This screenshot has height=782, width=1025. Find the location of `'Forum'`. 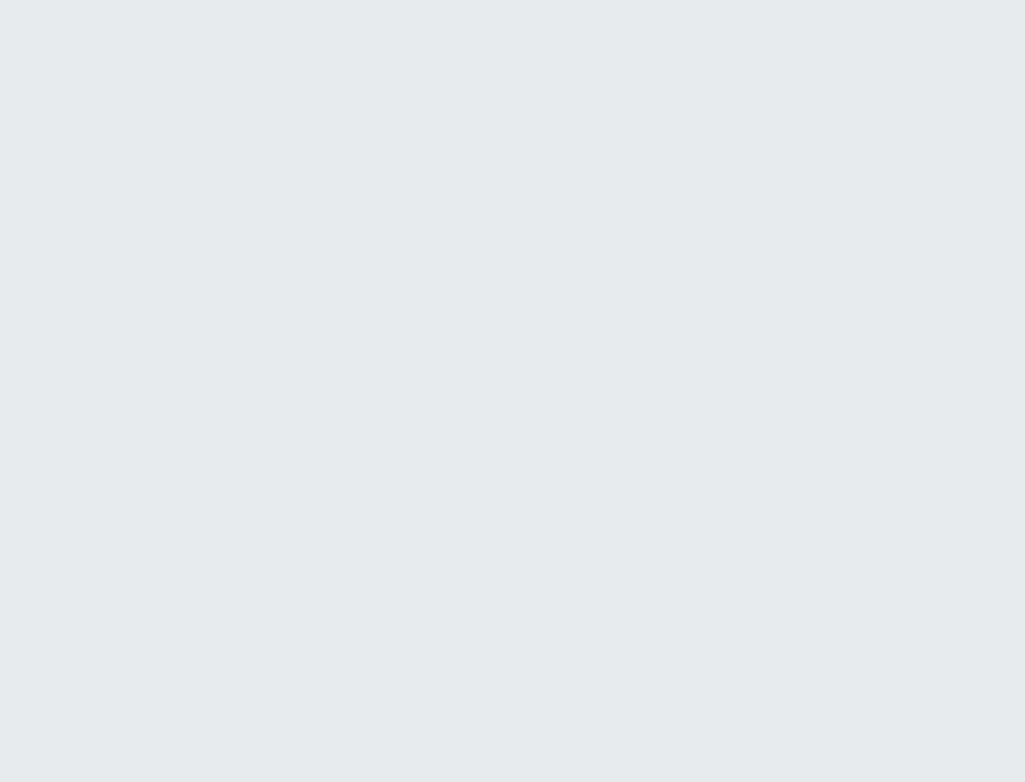

'Forum' is located at coordinates (695, 617).